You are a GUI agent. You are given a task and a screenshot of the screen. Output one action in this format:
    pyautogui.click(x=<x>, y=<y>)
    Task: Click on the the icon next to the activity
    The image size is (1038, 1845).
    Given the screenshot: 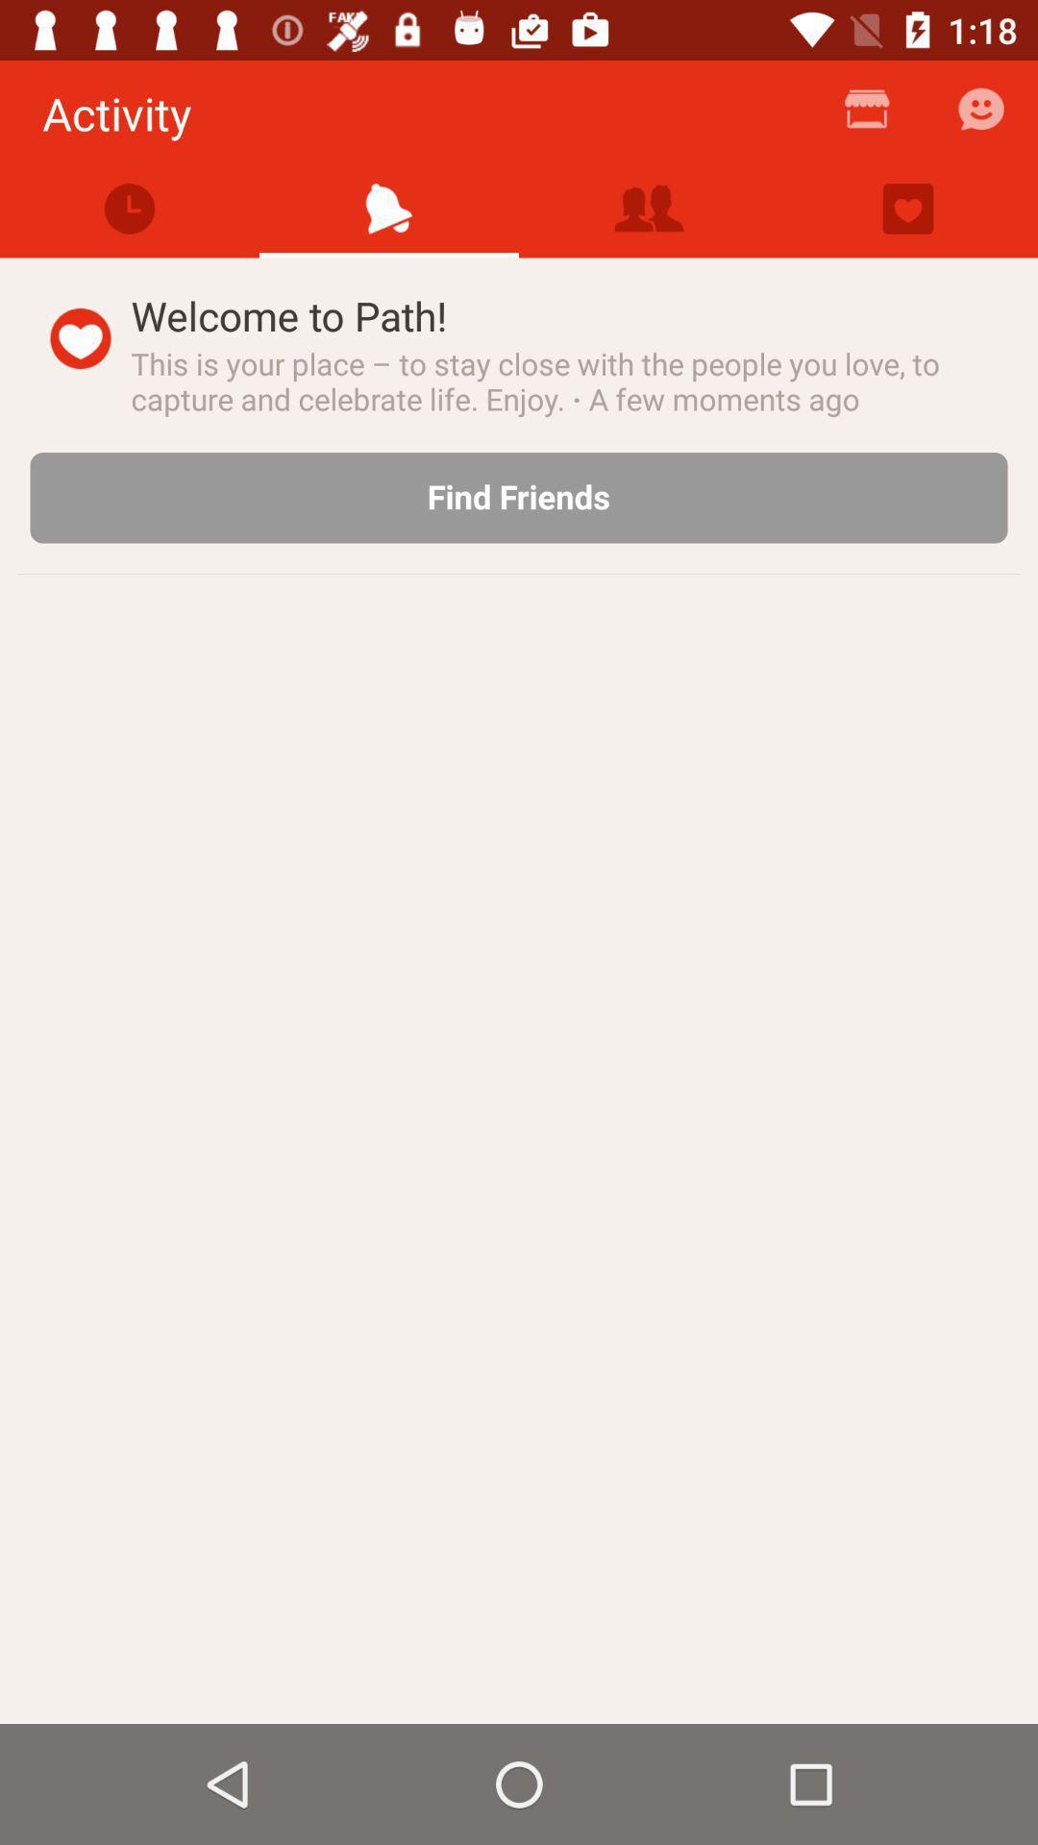 What is the action you would take?
    pyautogui.click(x=867, y=116)
    